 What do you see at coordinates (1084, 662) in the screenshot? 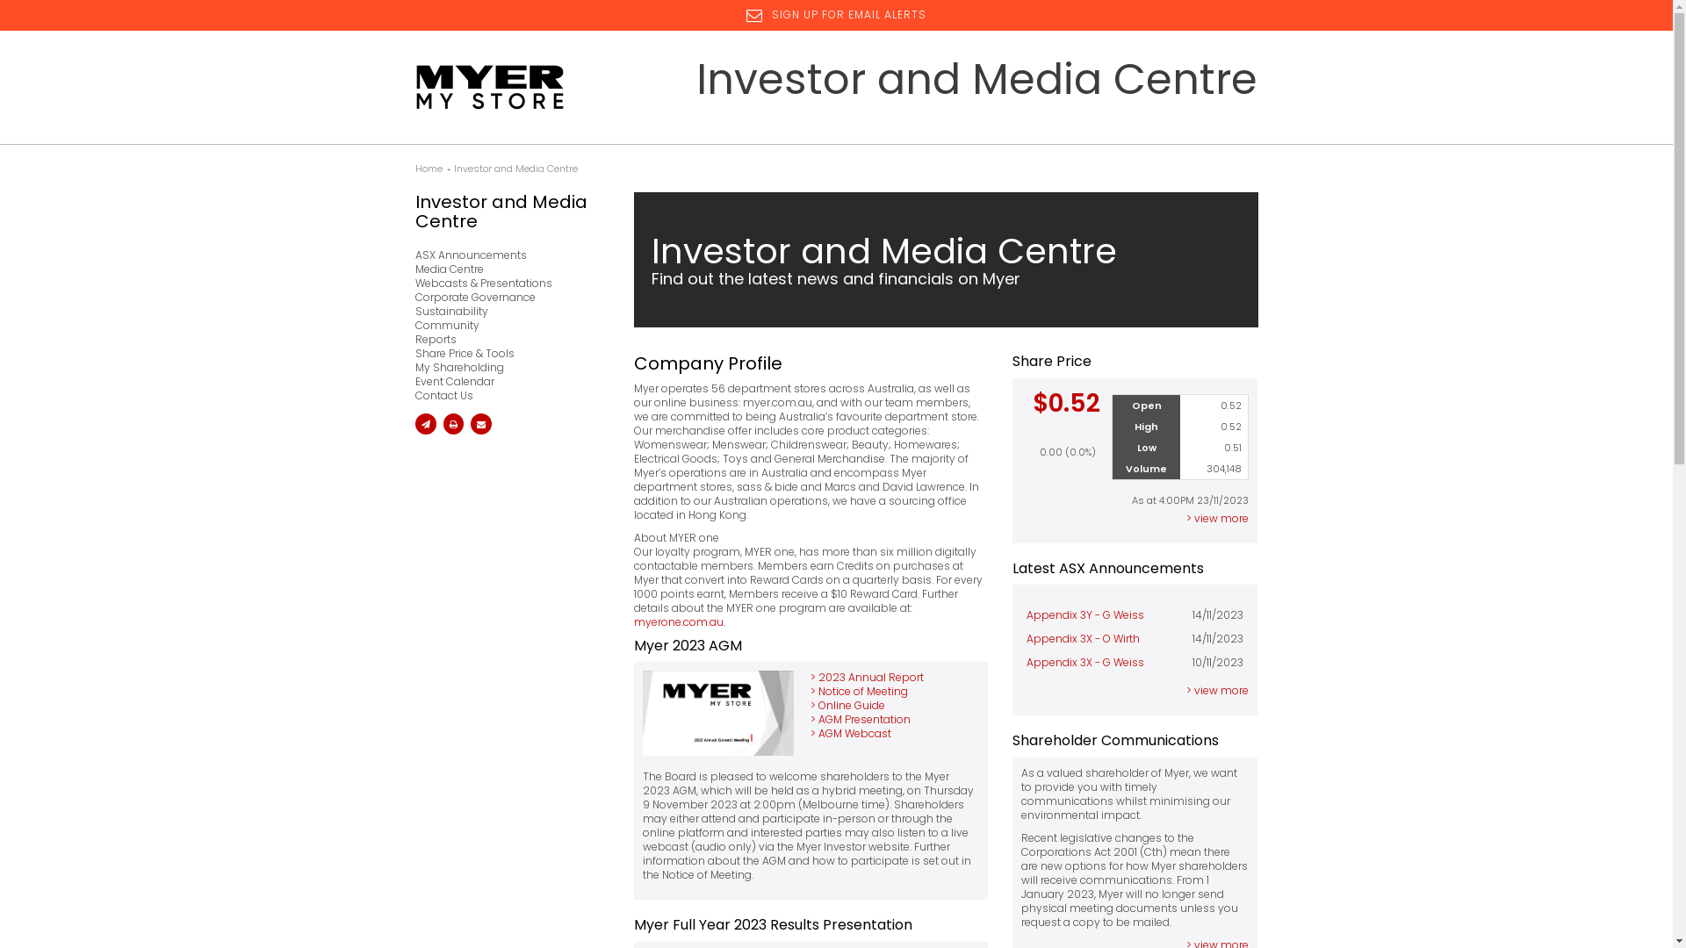
I see `'Appendix 3X - G Weiss'` at bounding box center [1084, 662].